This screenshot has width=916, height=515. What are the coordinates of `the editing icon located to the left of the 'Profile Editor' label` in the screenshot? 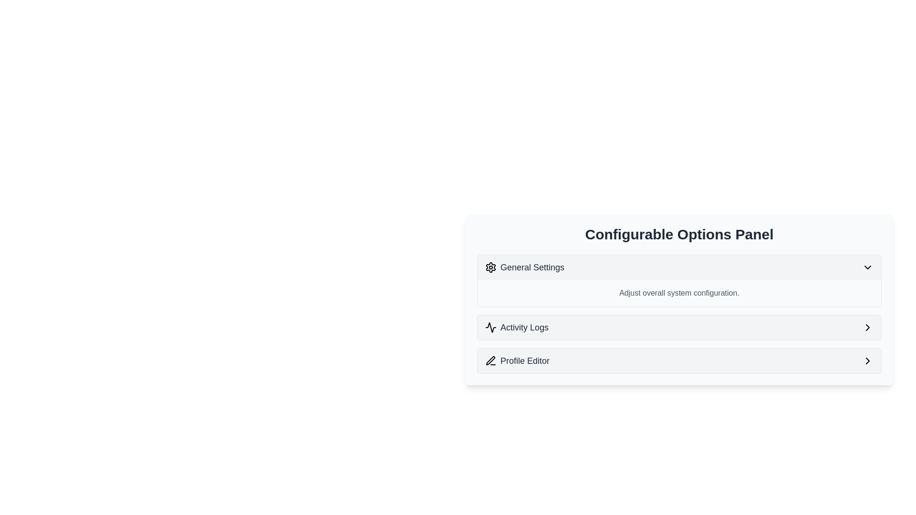 It's located at (490, 360).